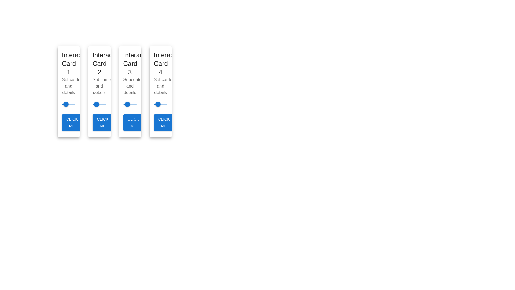  Describe the element at coordinates (103, 104) in the screenshot. I see `the slider` at that location.